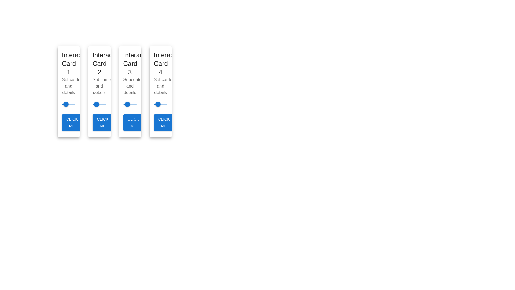  Describe the element at coordinates (103, 104) in the screenshot. I see `the slider` at that location.